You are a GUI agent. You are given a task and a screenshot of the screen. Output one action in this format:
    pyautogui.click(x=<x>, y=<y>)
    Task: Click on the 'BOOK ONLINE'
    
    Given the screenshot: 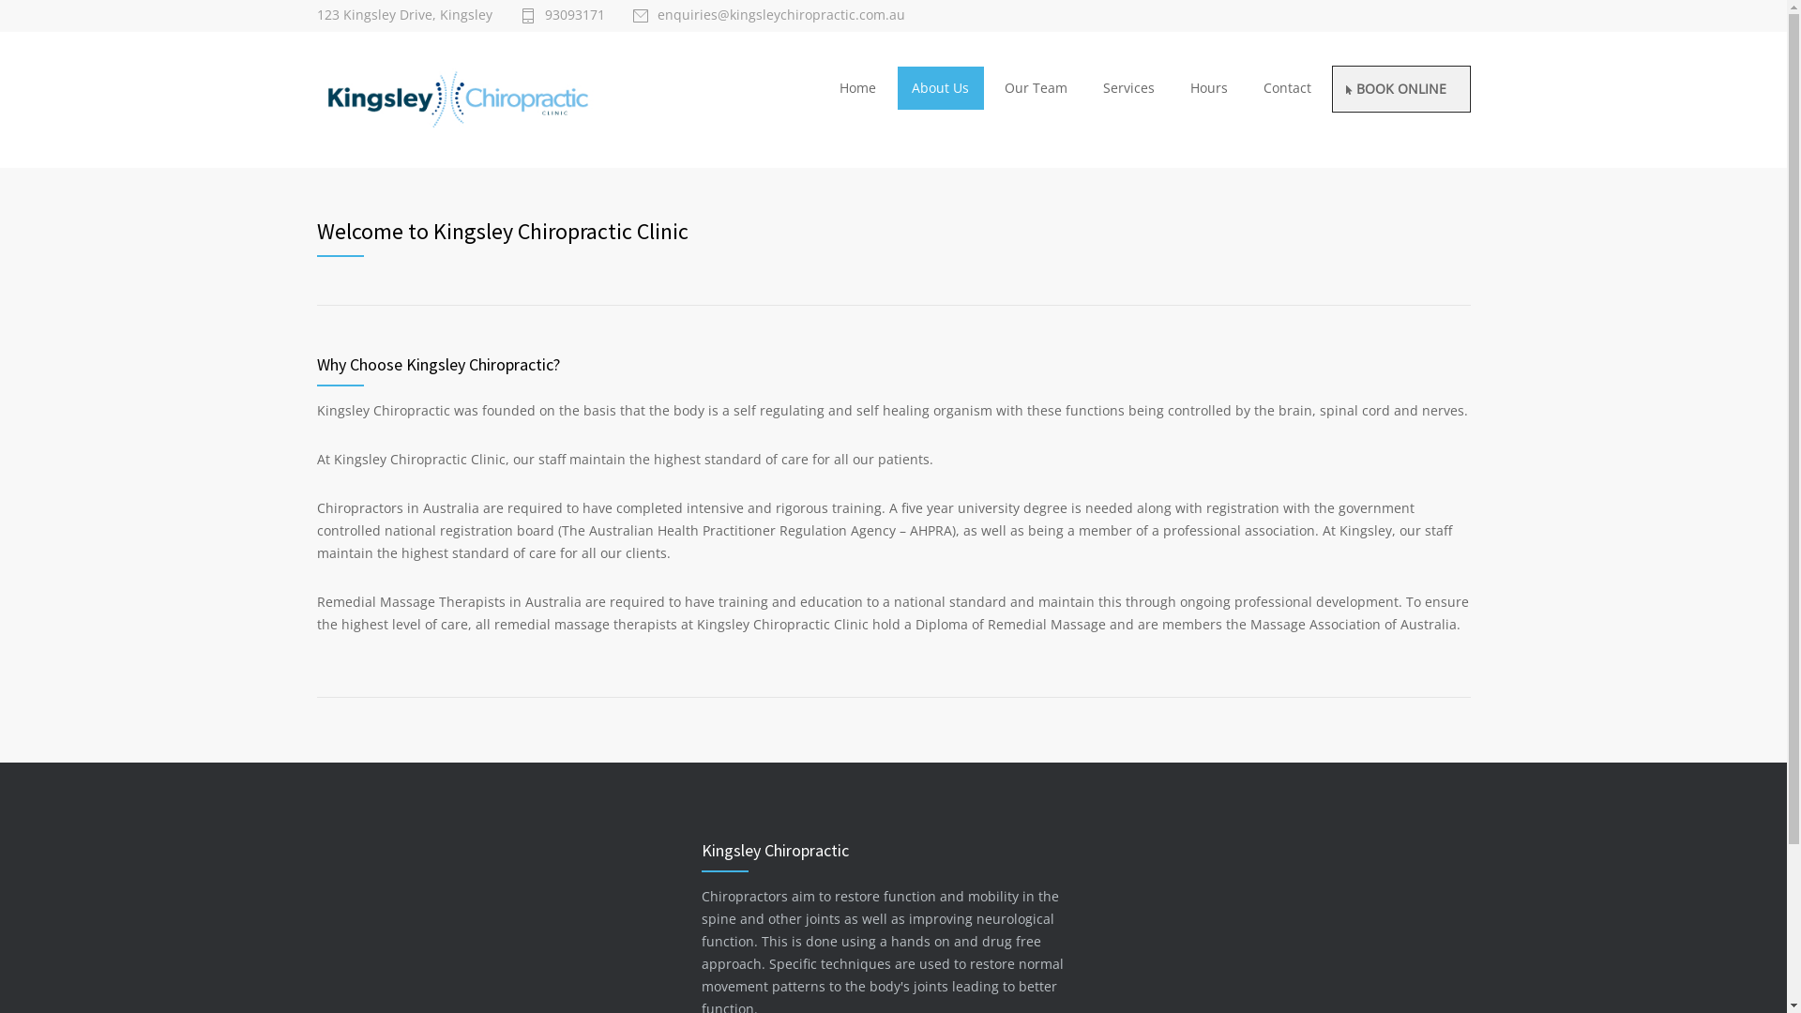 What is the action you would take?
    pyautogui.click(x=1400, y=89)
    